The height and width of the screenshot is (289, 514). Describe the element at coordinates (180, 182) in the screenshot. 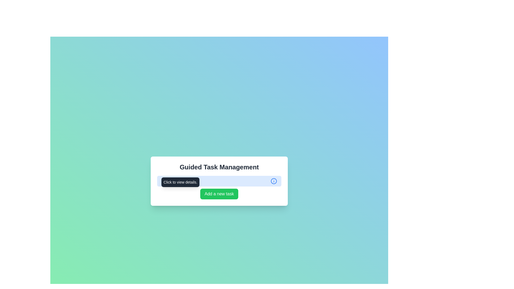

I see `the Tooltip that provides additional context or instructions related to 'Task 1'` at that location.